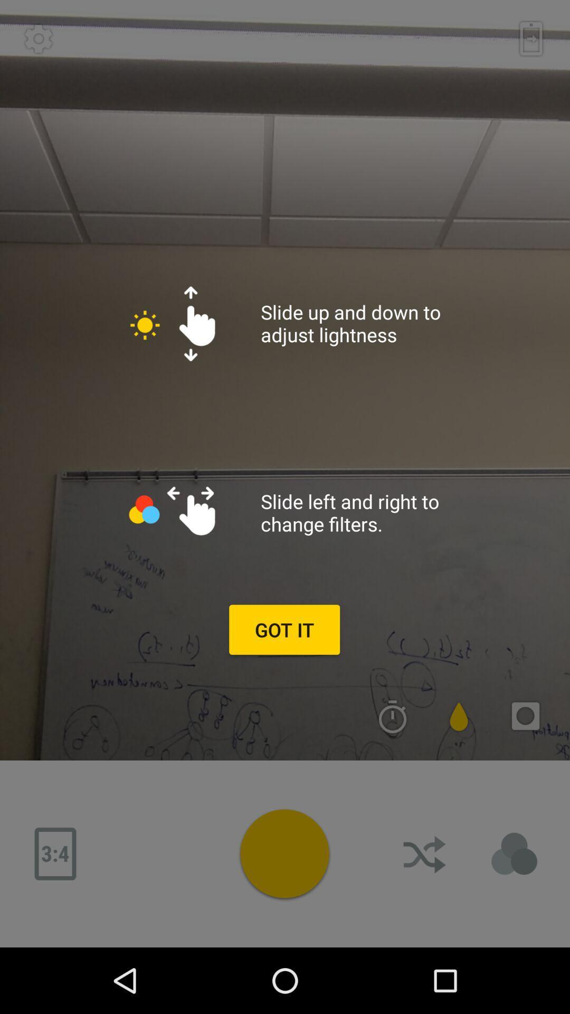  What do you see at coordinates (284, 853) in the screenshot?
I see `the record` at bounding box center [284, 853].